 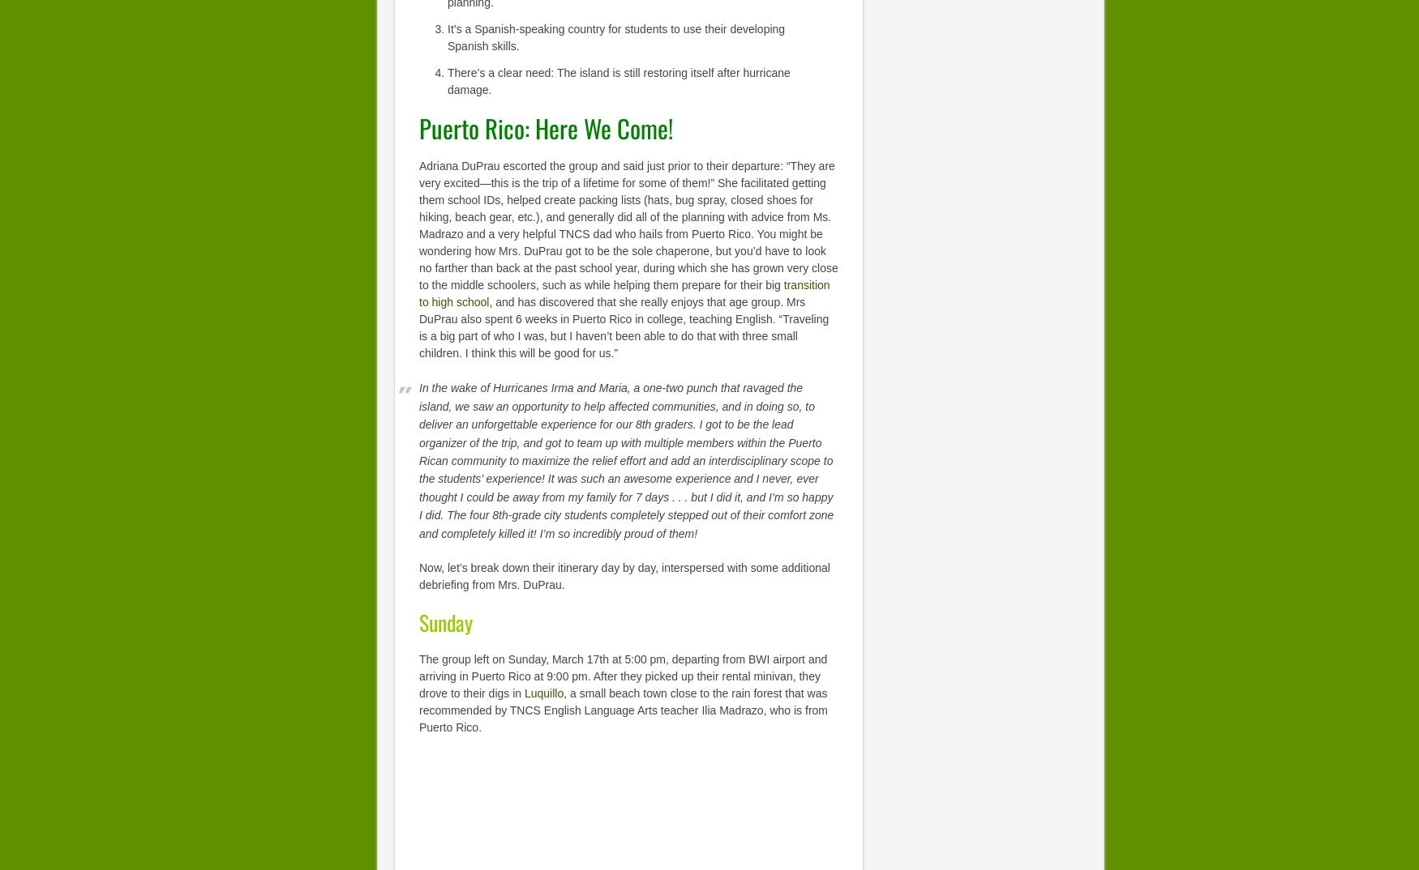 What do you see at coordinates (445, 621) in the screenshot?
I see `'Sunday'` at bounding box center [445, 621].